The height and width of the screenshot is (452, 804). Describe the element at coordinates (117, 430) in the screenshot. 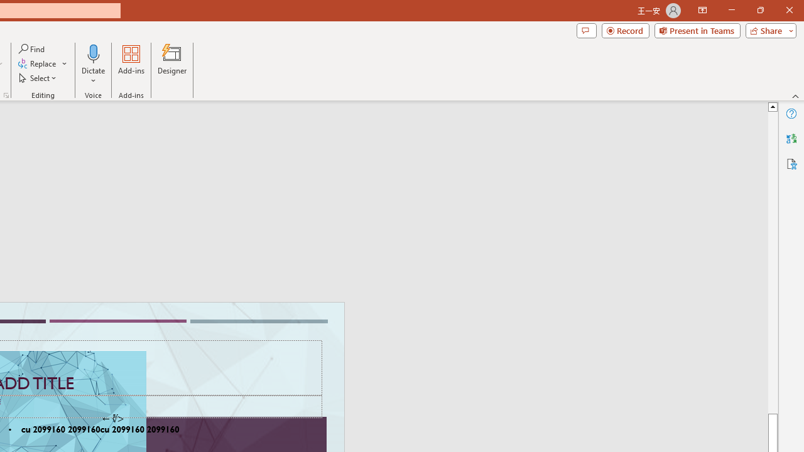

I see `'TextBox 61'` at that location.